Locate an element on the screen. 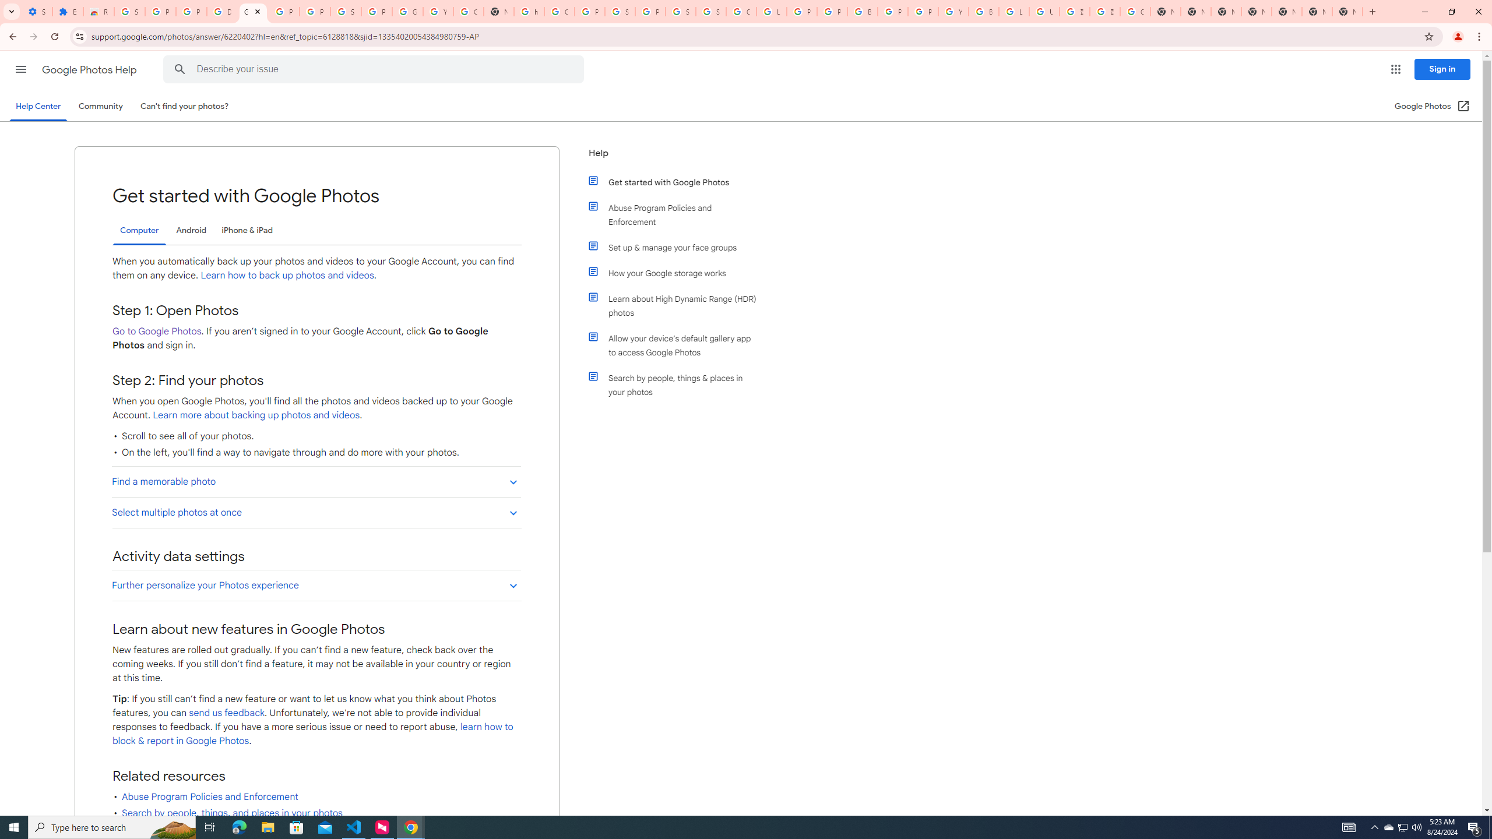  'YouTube' is located at coordinates (952, 11).